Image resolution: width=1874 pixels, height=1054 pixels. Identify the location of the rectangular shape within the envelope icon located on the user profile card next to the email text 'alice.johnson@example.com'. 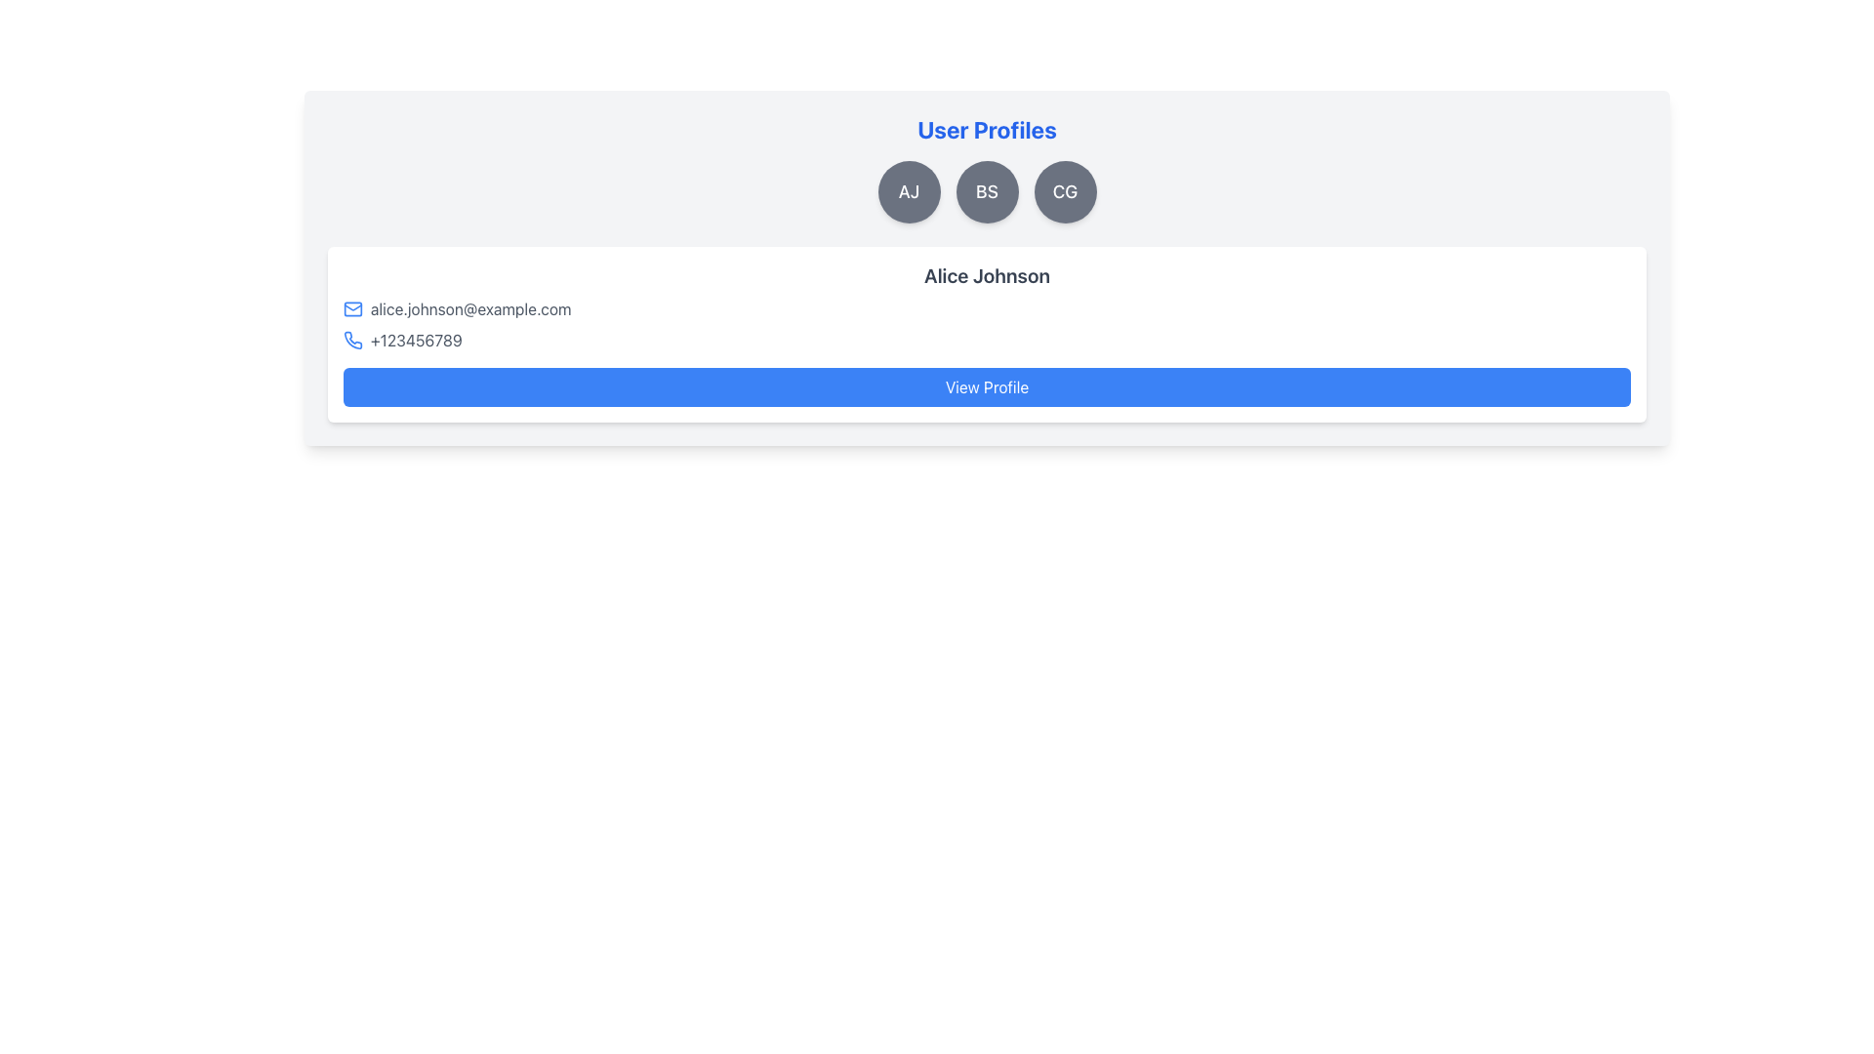
(352, 307).